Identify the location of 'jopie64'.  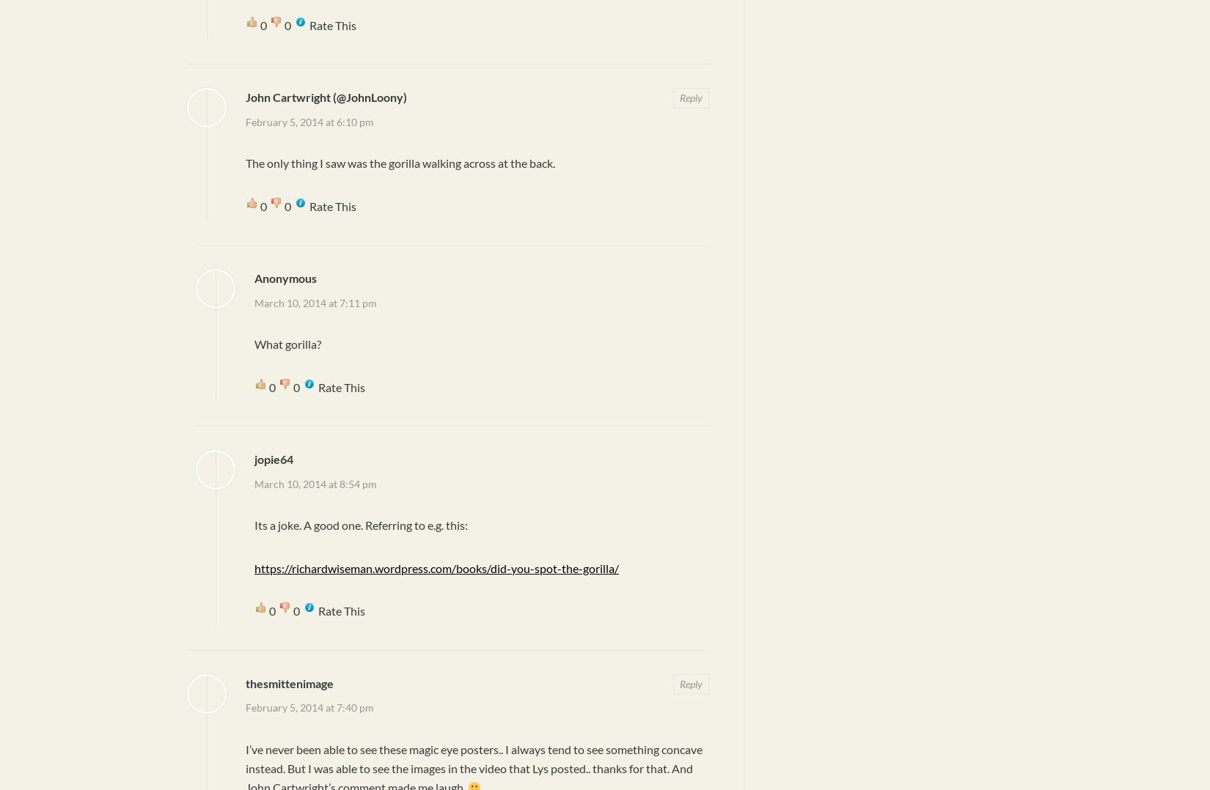
(274, 458).